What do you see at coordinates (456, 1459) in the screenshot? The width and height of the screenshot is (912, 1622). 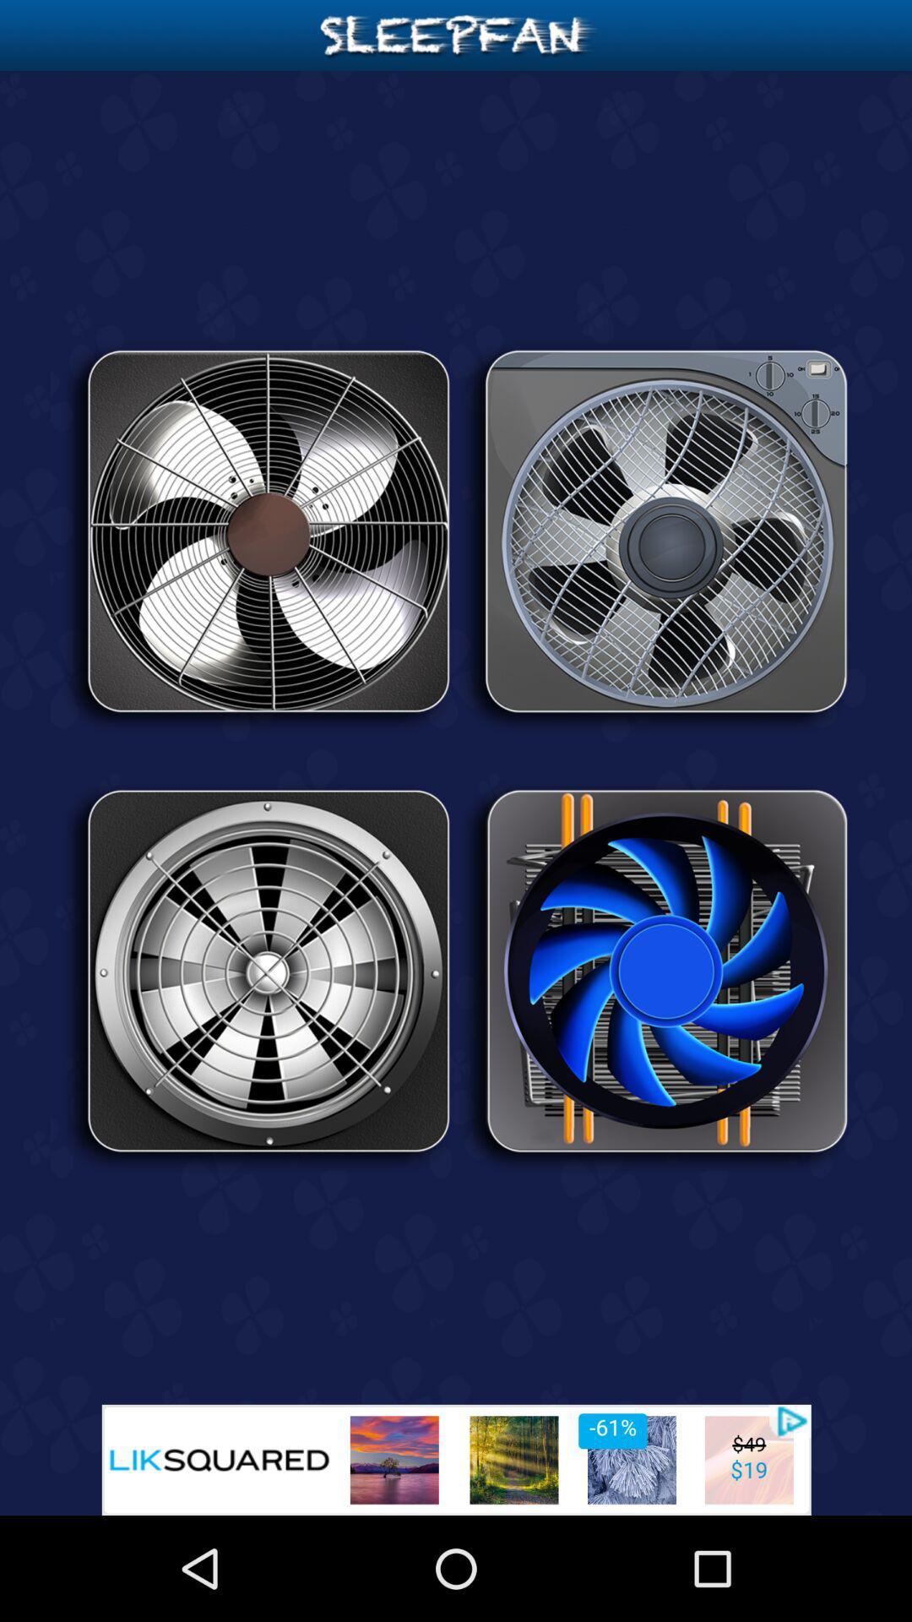 I see `open advertisement` at bounding box center [456, 1459].